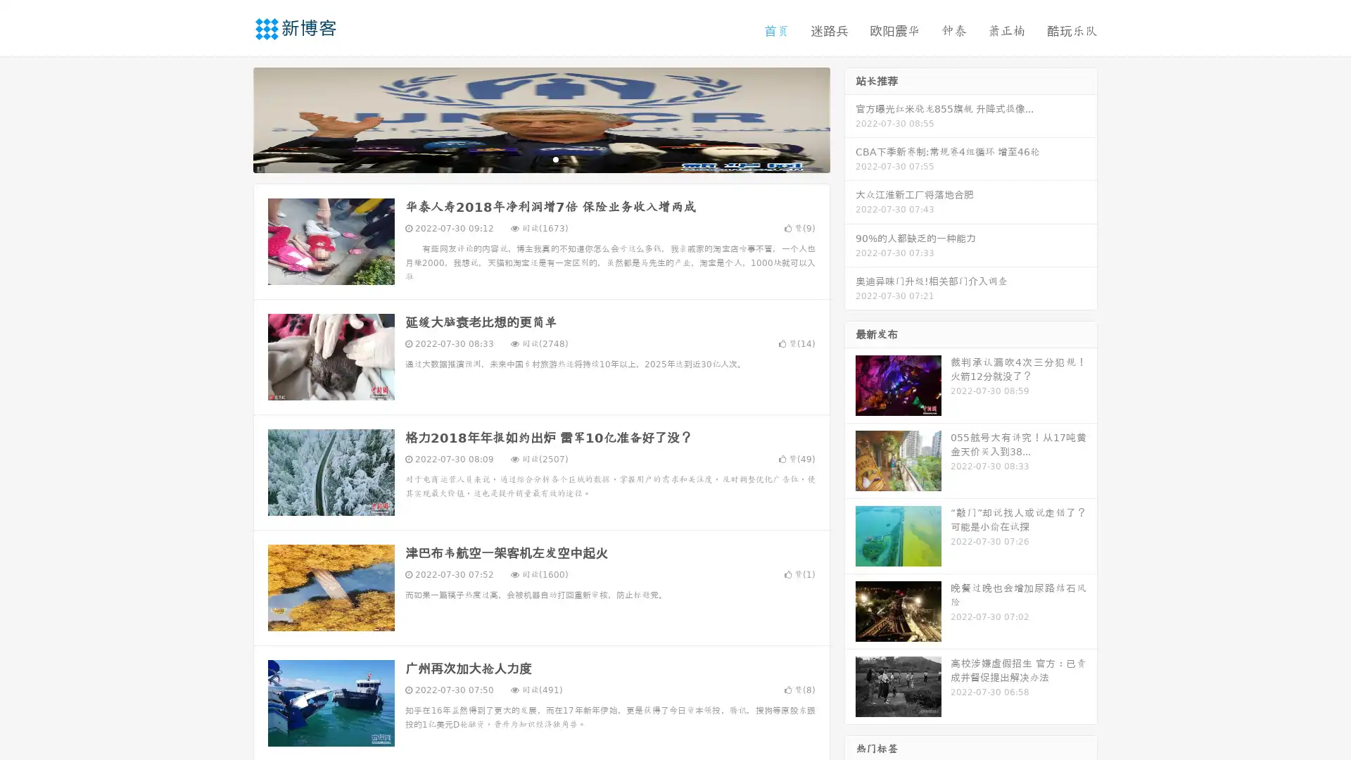  I want to click on Go to slide 2, so click(540, 158).